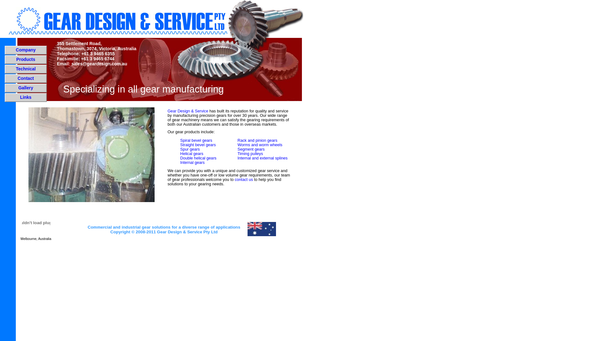 This screenshot has height=341, width=607. What do you see at coordinates (257, 140) in the screenshot?
I see `'Rack and pinion gears'` at bounding box center [257, 140].